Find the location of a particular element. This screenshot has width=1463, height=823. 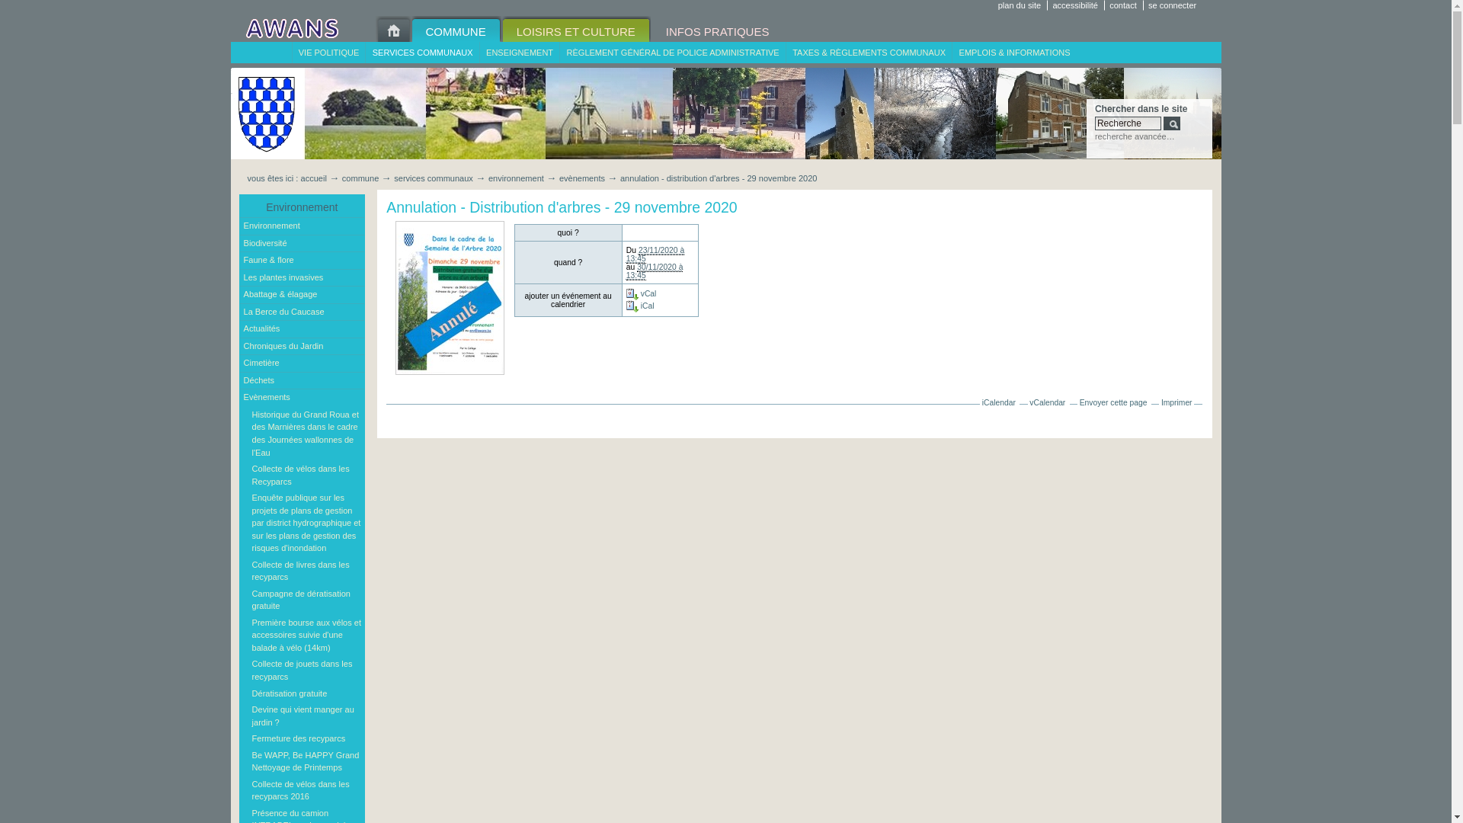

'Imprimer' is located at coordinates (1176, 402).